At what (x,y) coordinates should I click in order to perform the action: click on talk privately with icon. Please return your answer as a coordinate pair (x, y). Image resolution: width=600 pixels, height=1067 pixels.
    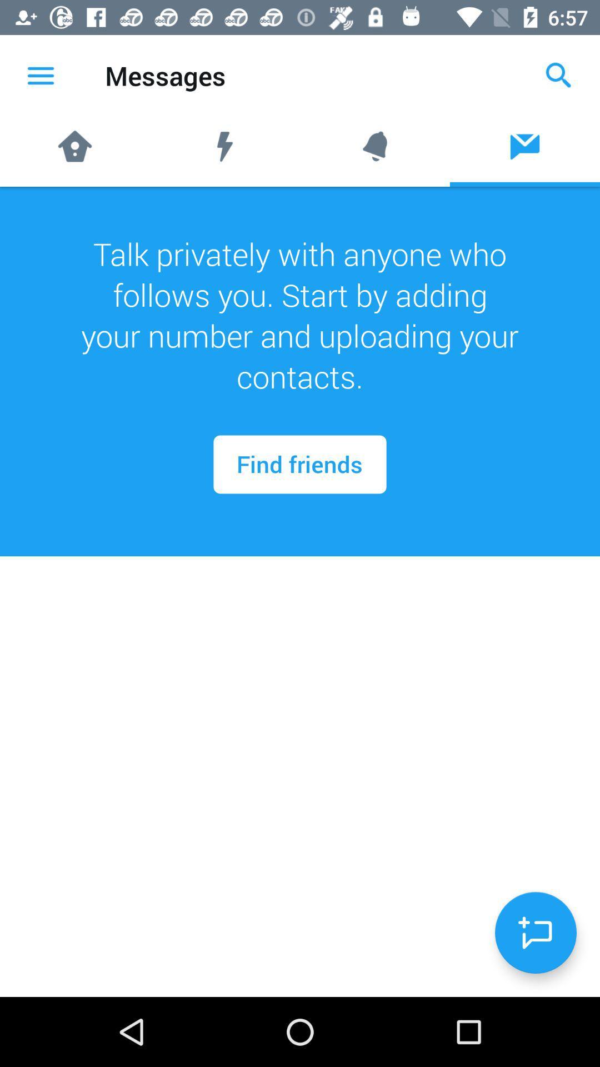
    Looking at the image, I should click on (300, 315).